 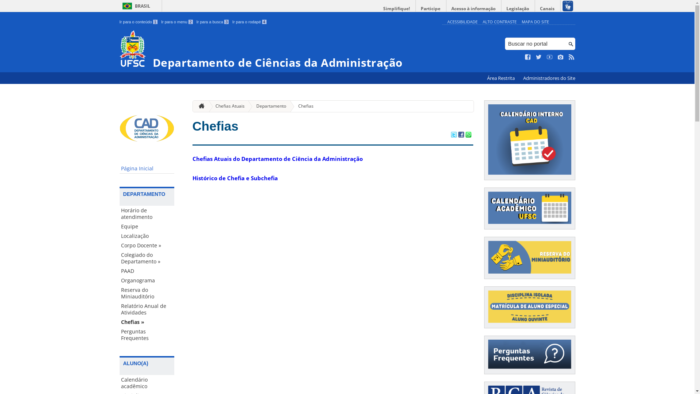 What do you see at coordinates (430, 8) in the screenshot?
I see `'Participe'` at bounding box center [430, 8].